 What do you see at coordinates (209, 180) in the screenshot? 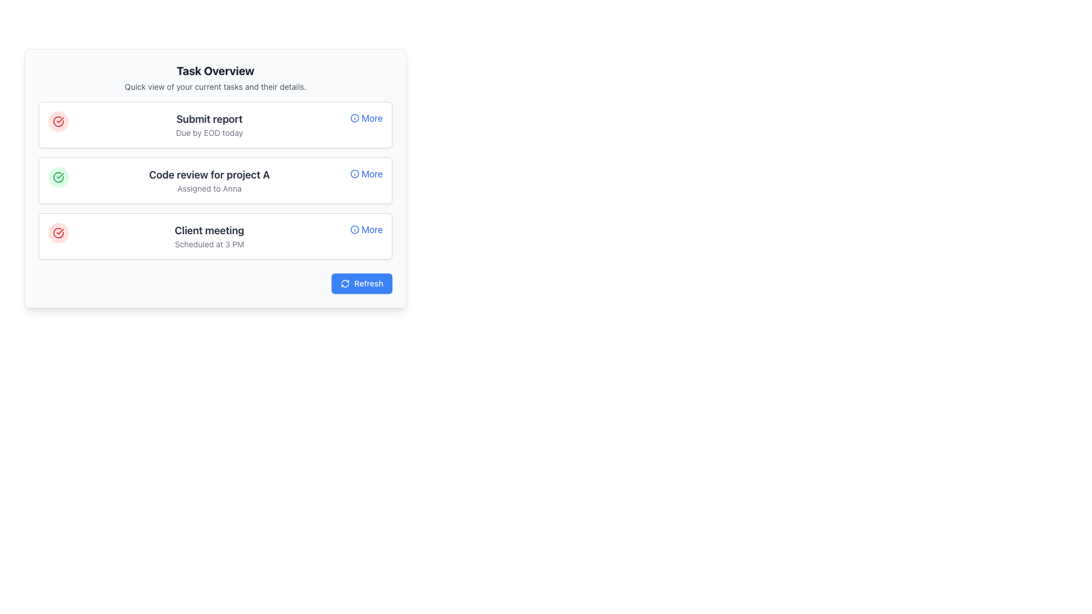
I see `the Text block that provides information about a specific task, detailing its title and assignee, located centrally within the second task item in a vertical list of tasks` at bounding box center [209, 180].